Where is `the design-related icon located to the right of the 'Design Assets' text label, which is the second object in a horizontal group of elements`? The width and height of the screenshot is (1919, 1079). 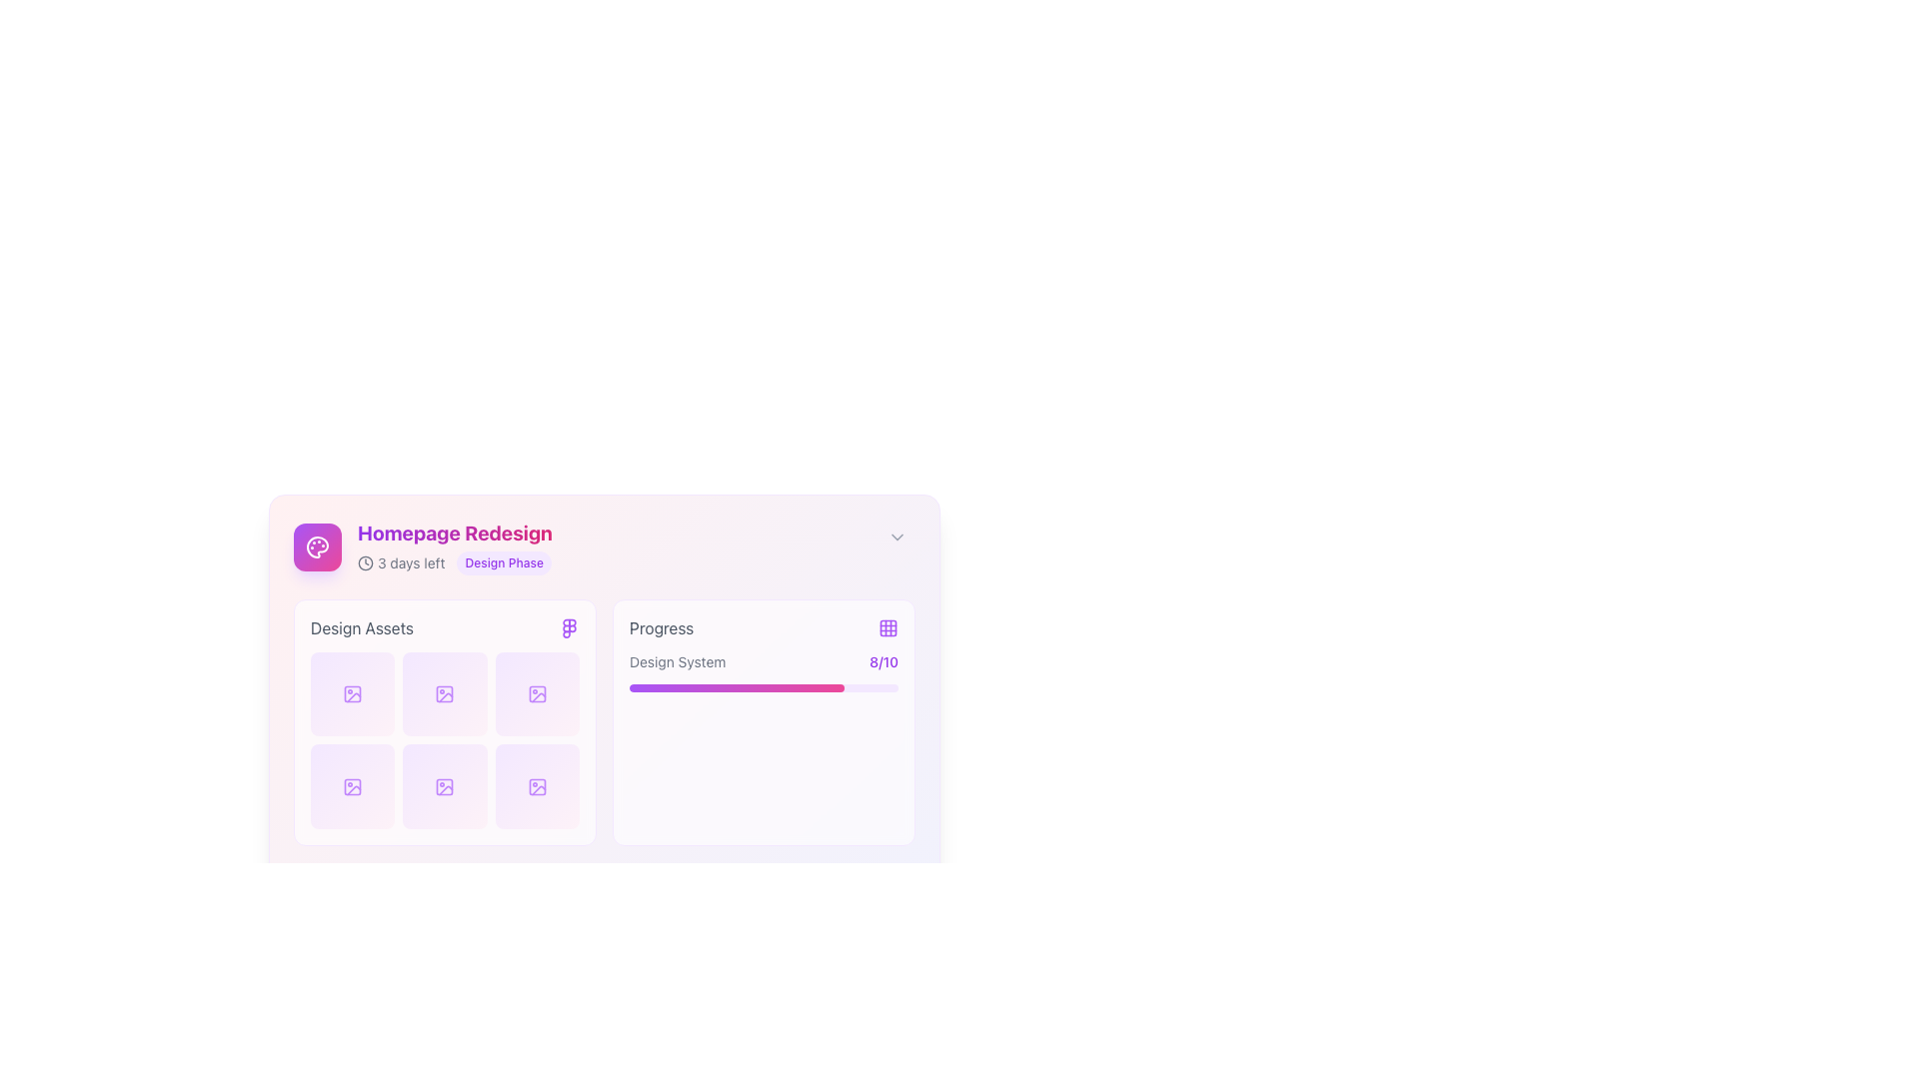
the design-related icon located to the right of the 'Design Assets' text label, which is the second object in a horizontal group of elements is located at coordinates (569, 626).